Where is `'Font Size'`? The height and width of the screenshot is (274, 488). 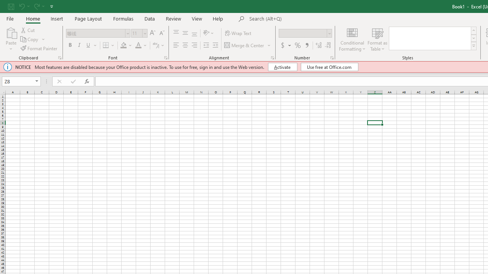
'Font Size' is located at coordinates (137, 33).